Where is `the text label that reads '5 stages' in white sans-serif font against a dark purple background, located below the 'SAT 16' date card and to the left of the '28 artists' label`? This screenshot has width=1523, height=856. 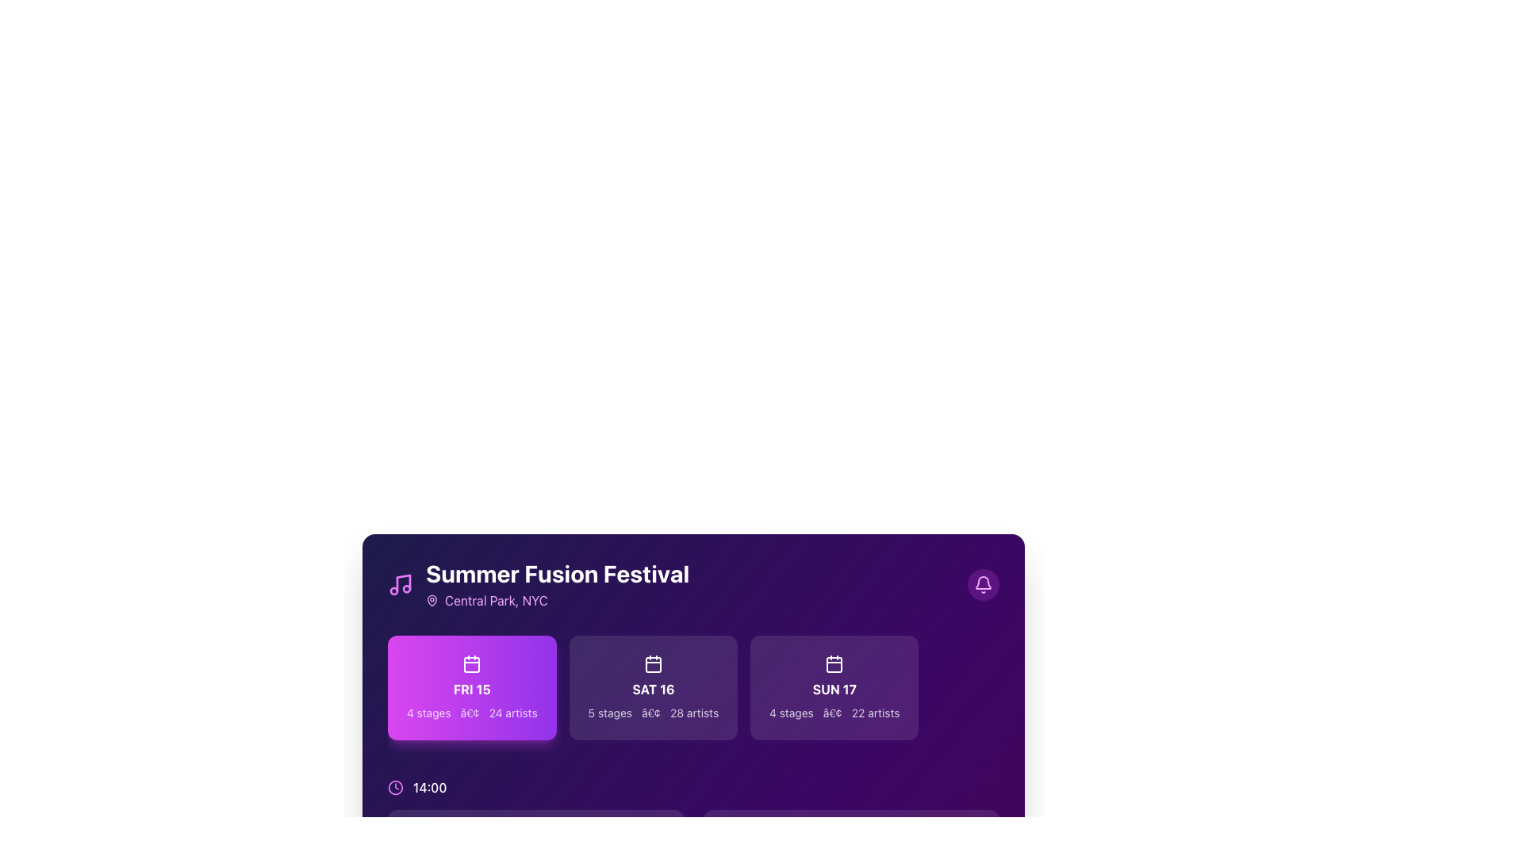
the text label that reads '5 stages' in white sans-serif font against a dark purple background, located below the 'SAT 16' date card and to the left of the '28 artists' label is located at coordinates (609, 712).